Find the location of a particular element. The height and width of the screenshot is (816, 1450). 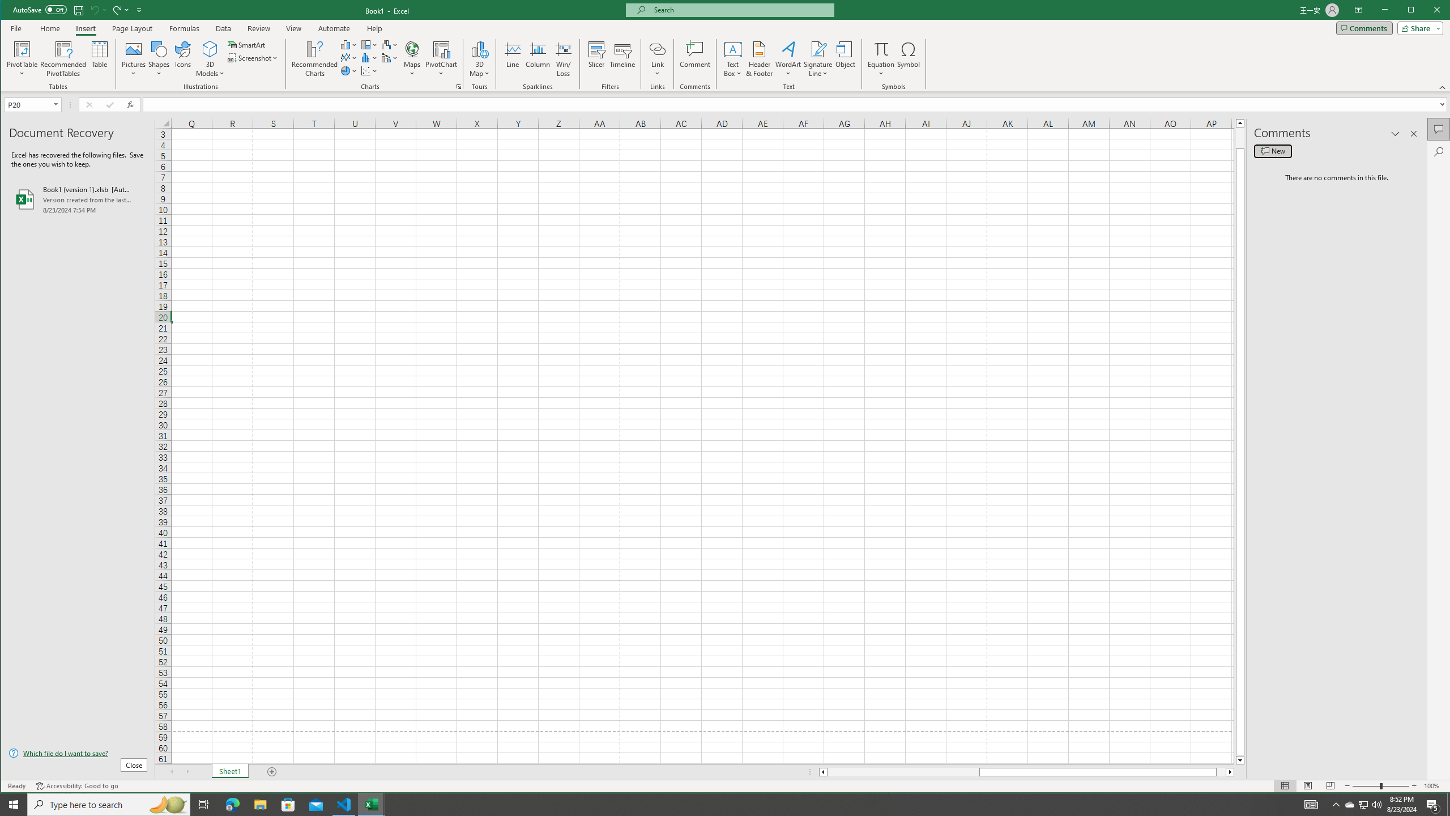

'Timeline' is located at coordinates (622, 58).